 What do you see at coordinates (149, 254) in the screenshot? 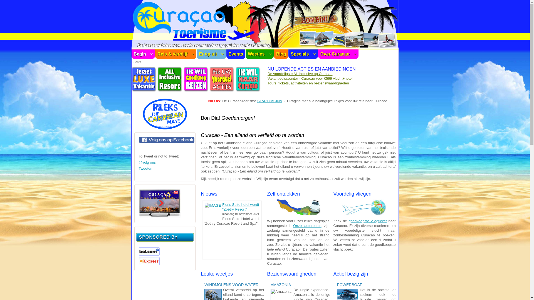
I see `'Direct naar de website van BOL.com'` at bounding box center [149, 254].